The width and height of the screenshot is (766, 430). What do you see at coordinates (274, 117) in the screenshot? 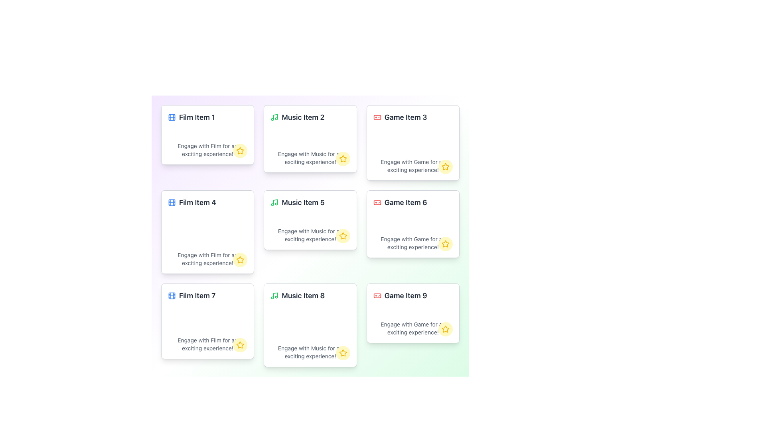
I see `the static decorative 'Music' icon located to the left of the 'Music Item 2' card title in the grid layout` at bounding box center [274, 117].